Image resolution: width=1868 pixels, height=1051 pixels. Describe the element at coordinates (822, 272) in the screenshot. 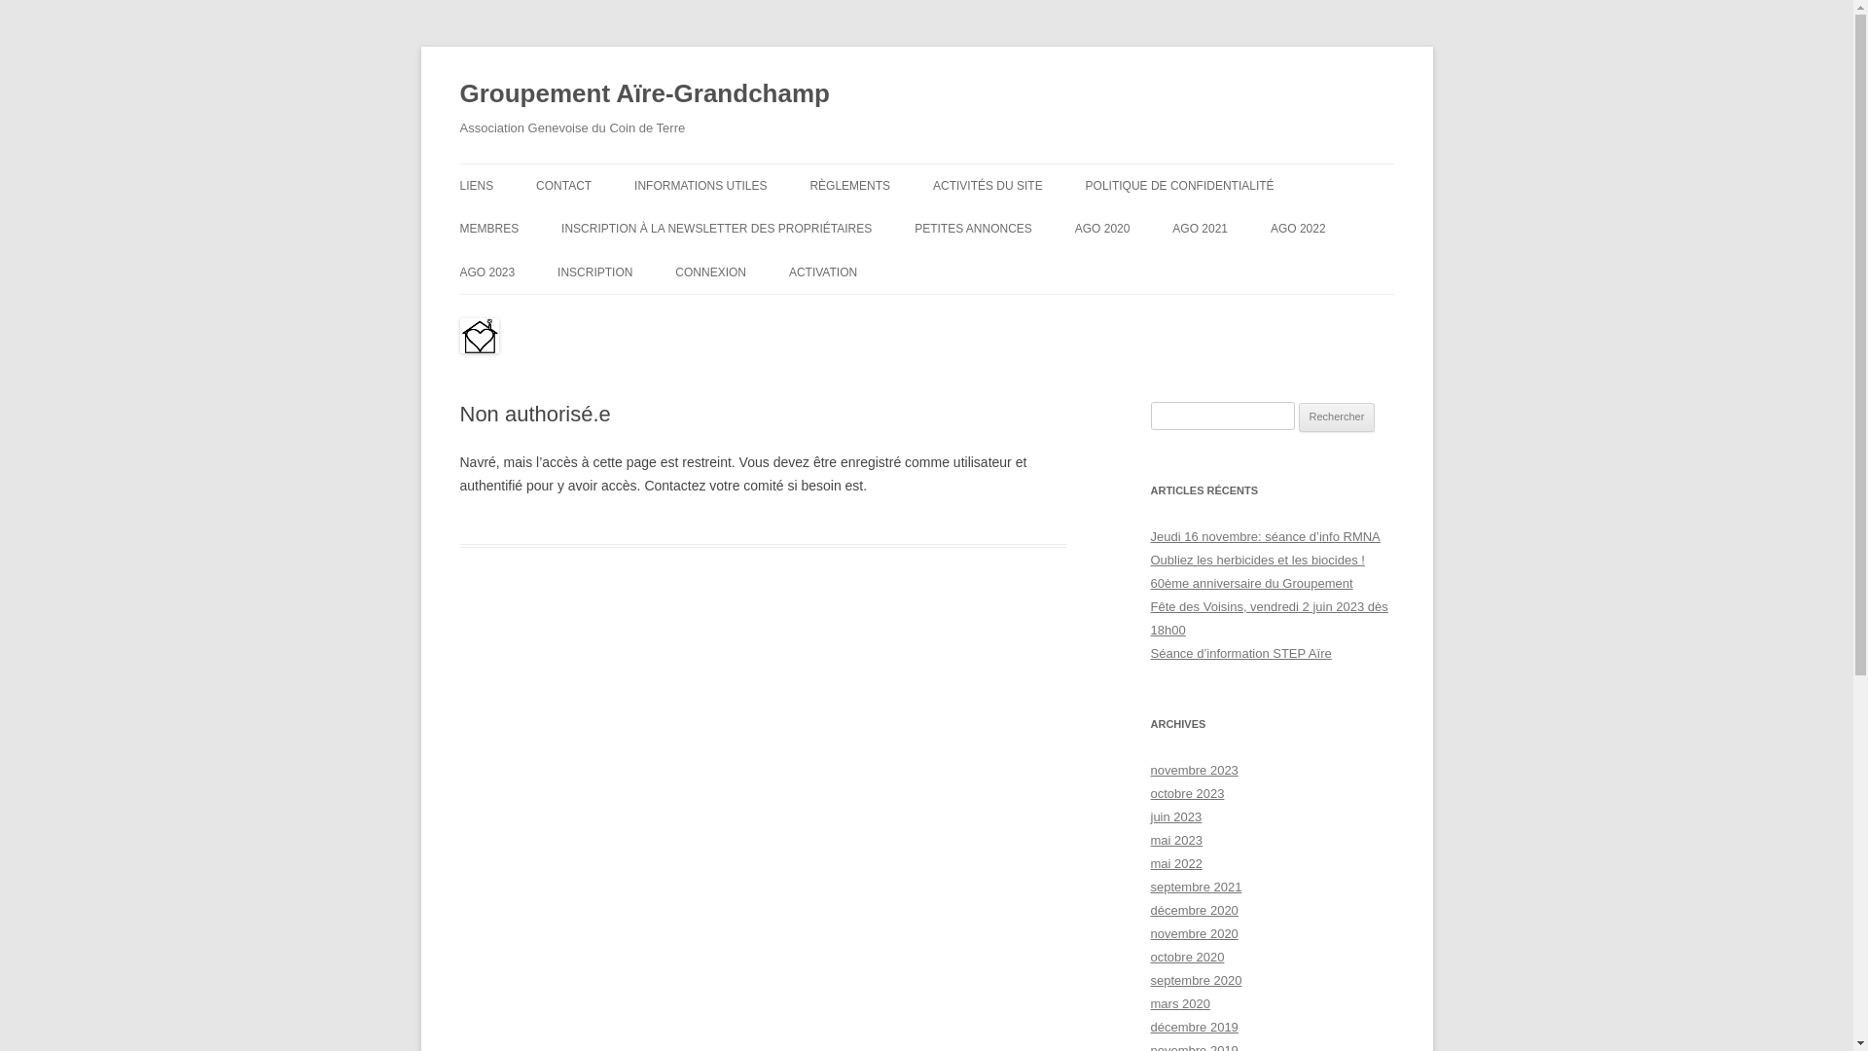

I see `'ACTIVATION'` at that location.